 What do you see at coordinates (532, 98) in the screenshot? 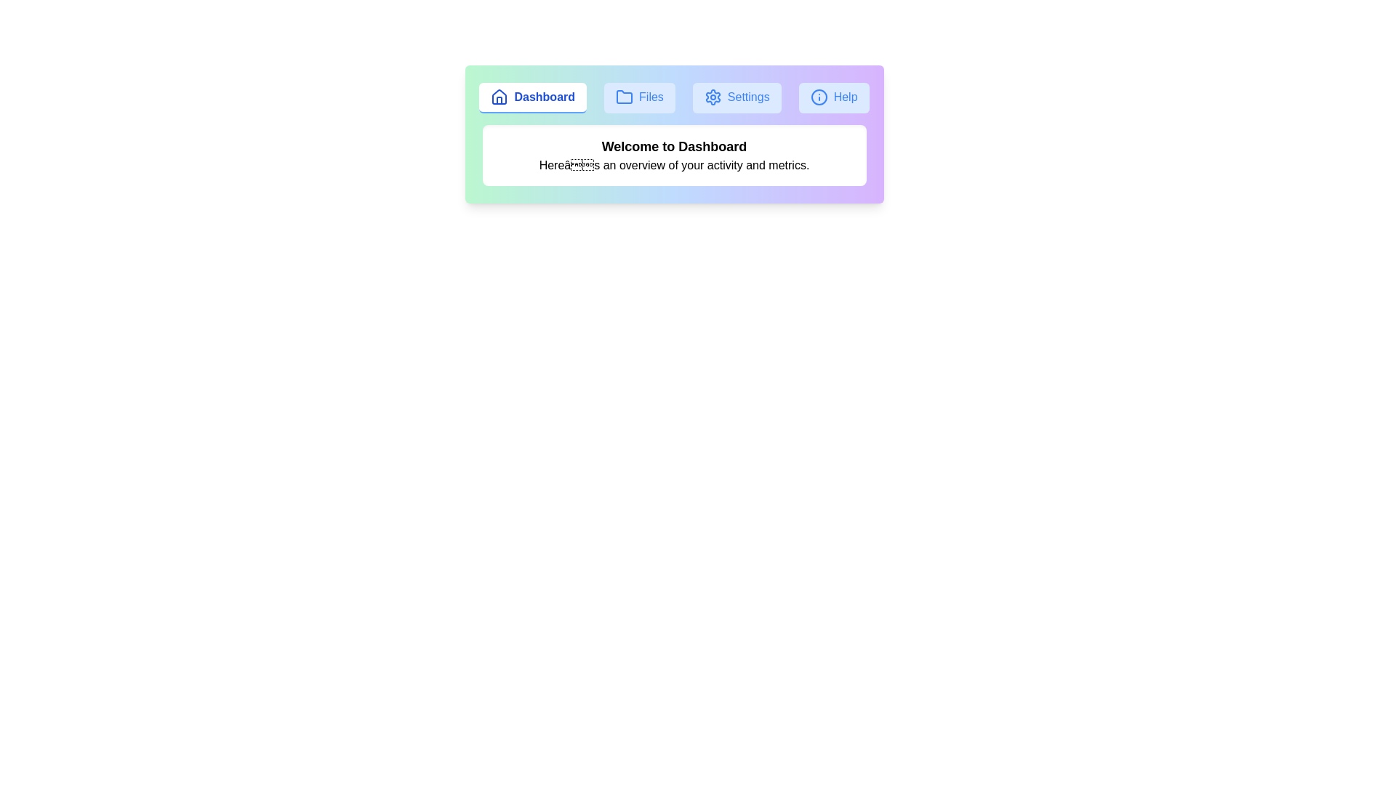
I see `the Dashboard tab` at bounding box center [532, 98].